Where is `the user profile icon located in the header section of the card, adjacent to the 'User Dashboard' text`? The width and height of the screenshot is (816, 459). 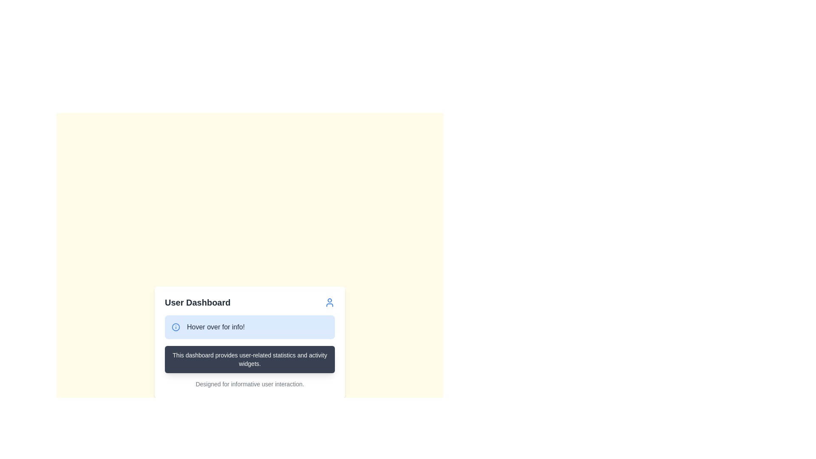
the user profile icon located in the header section of the card, adjacent to the 'User Dashboard' text is located at coordinates (329, 302).